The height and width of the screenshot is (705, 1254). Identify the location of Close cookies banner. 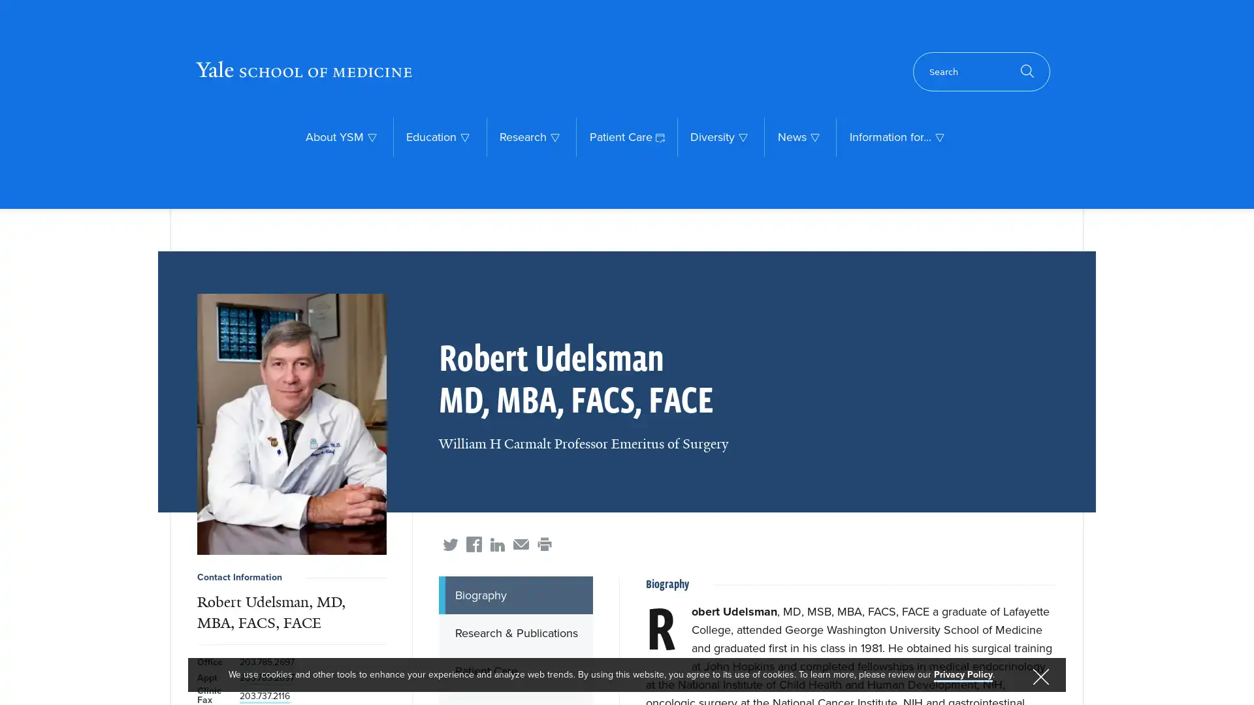
(1040, 676).